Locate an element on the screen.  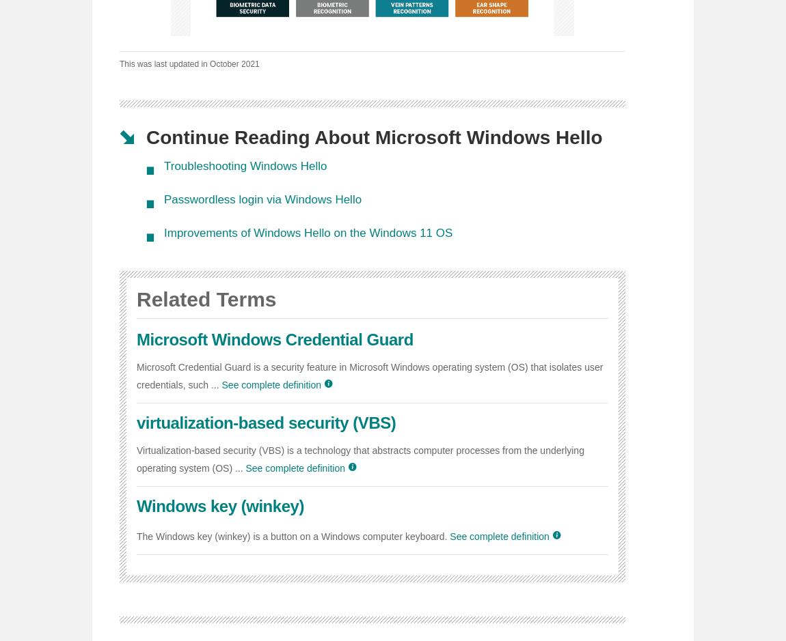
'Continue Reading About Microsoft Windows Hello' is located at coordinates (374, 137).